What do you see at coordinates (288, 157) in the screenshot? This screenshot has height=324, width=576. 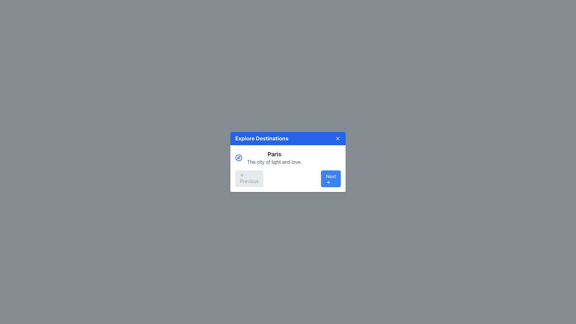 I see `informational text element titled 'Paris', which includes a bold heading and a smaller description, located in the 'Explore Destinations' card` at bounding box center [288, 157].